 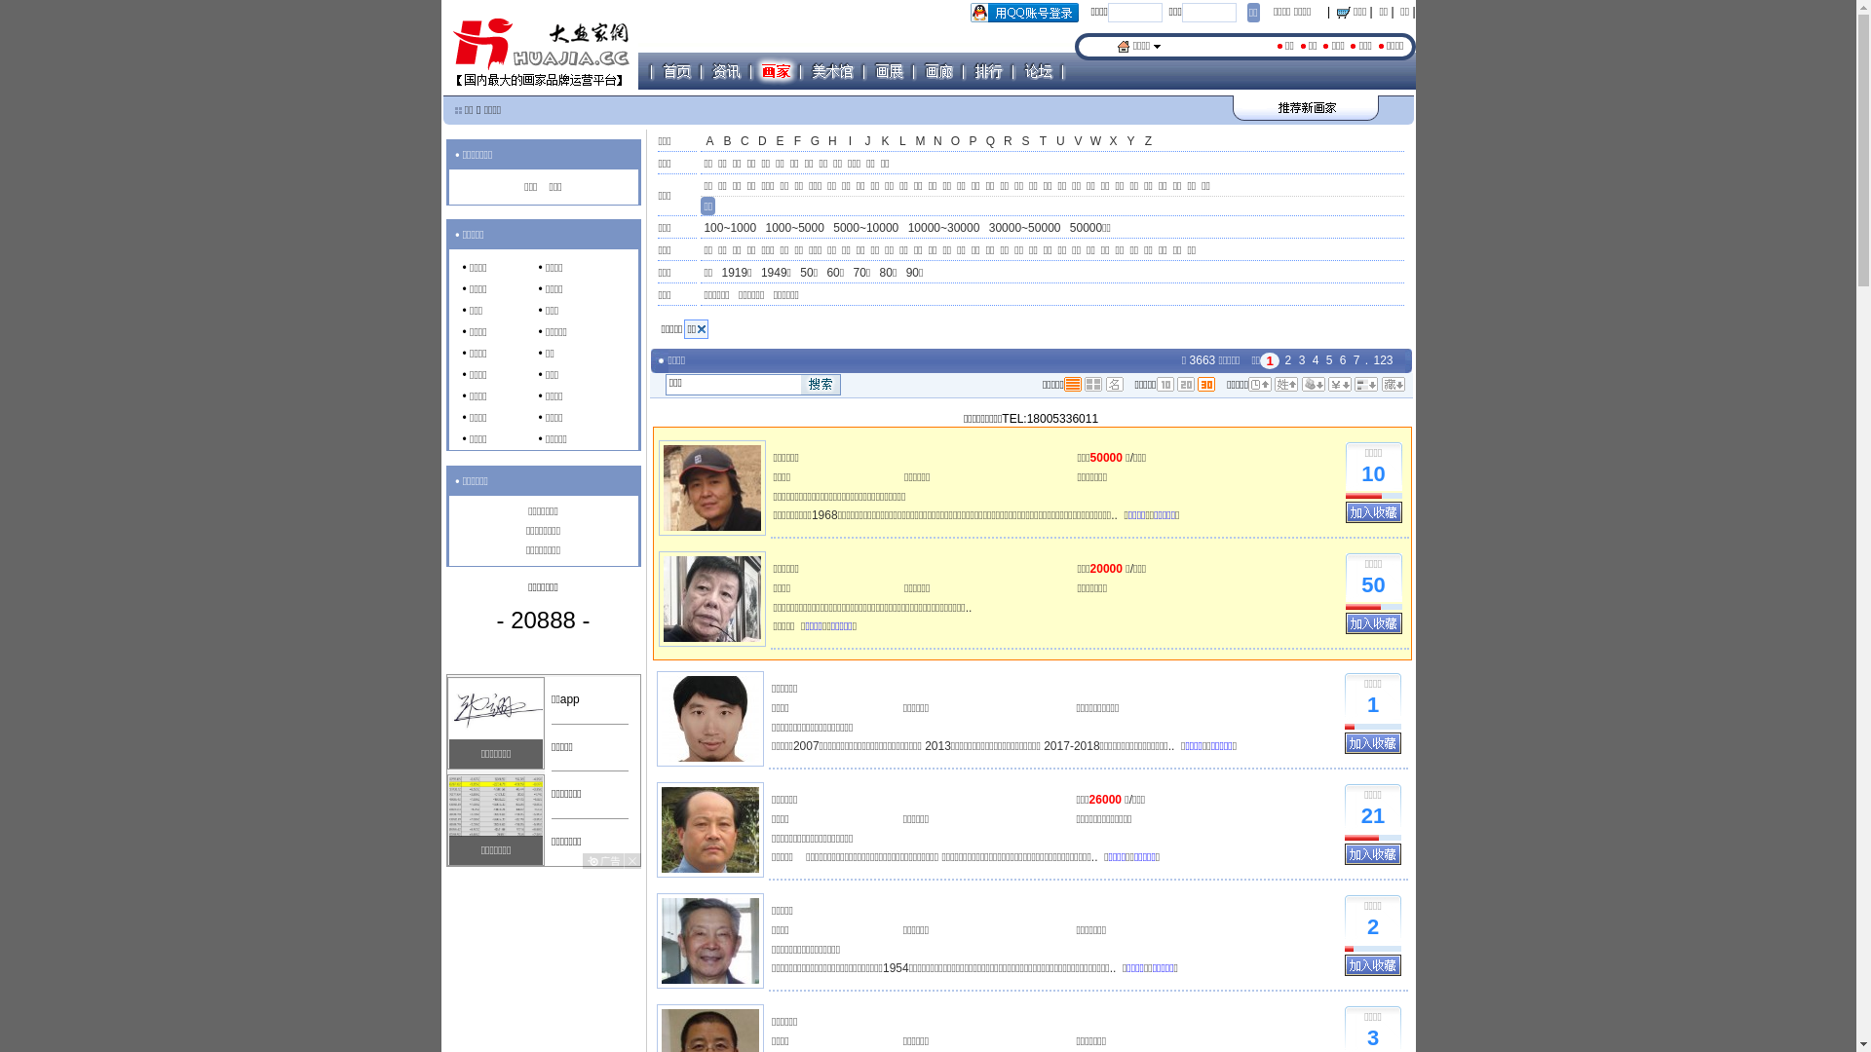 I want to click on '1000~5000', so click(x=761, y=228).